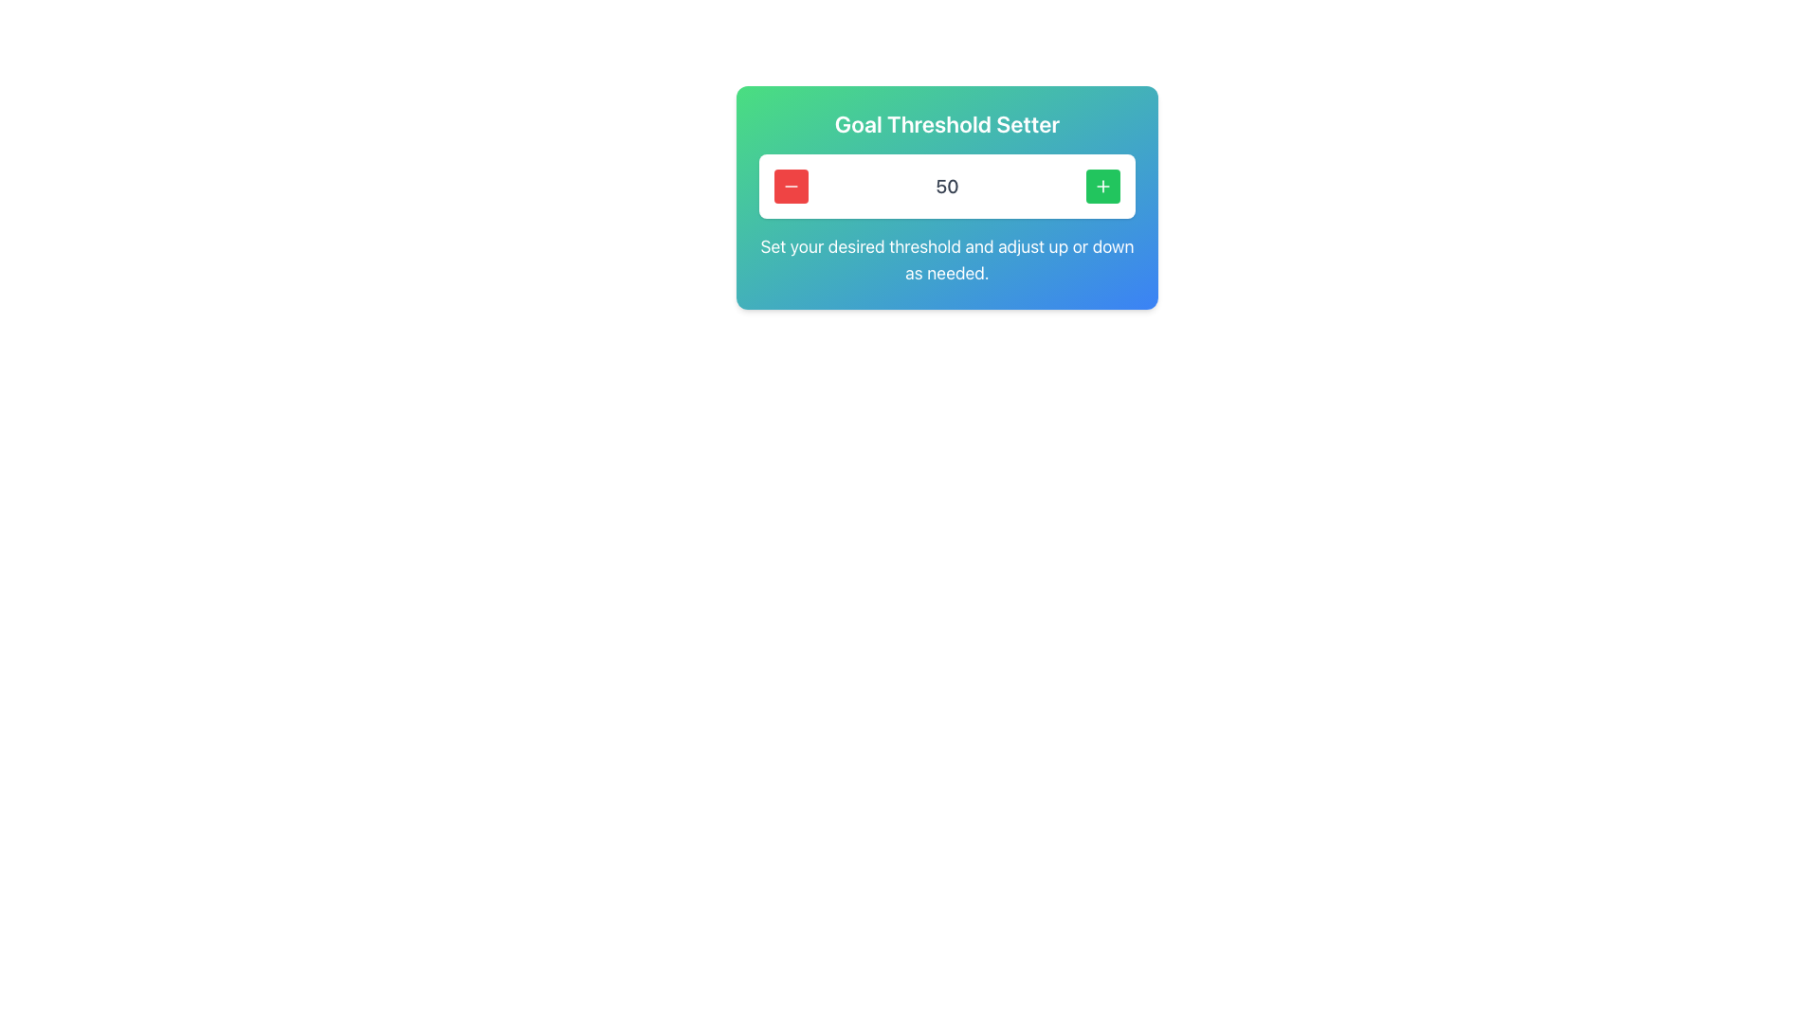  Describe the element at coordinates (792, 186) in the screenshot. I see `the square button with a red background and a white minus icon` at that location.